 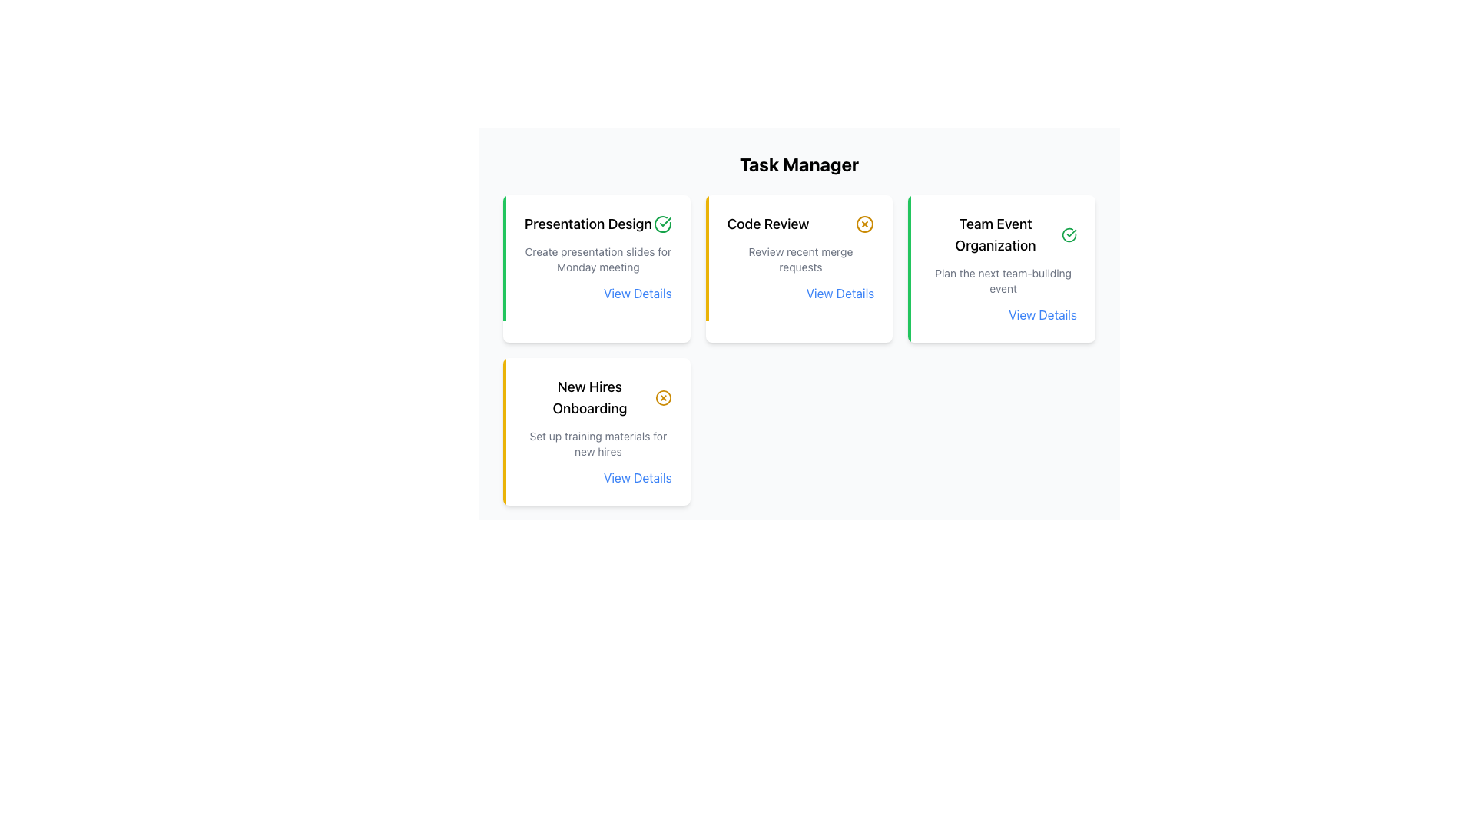 What do you see at coordinates (1069, 234) in the screenshot?
I see `the Status indicator icon located` at bounding box center [1069, 234].